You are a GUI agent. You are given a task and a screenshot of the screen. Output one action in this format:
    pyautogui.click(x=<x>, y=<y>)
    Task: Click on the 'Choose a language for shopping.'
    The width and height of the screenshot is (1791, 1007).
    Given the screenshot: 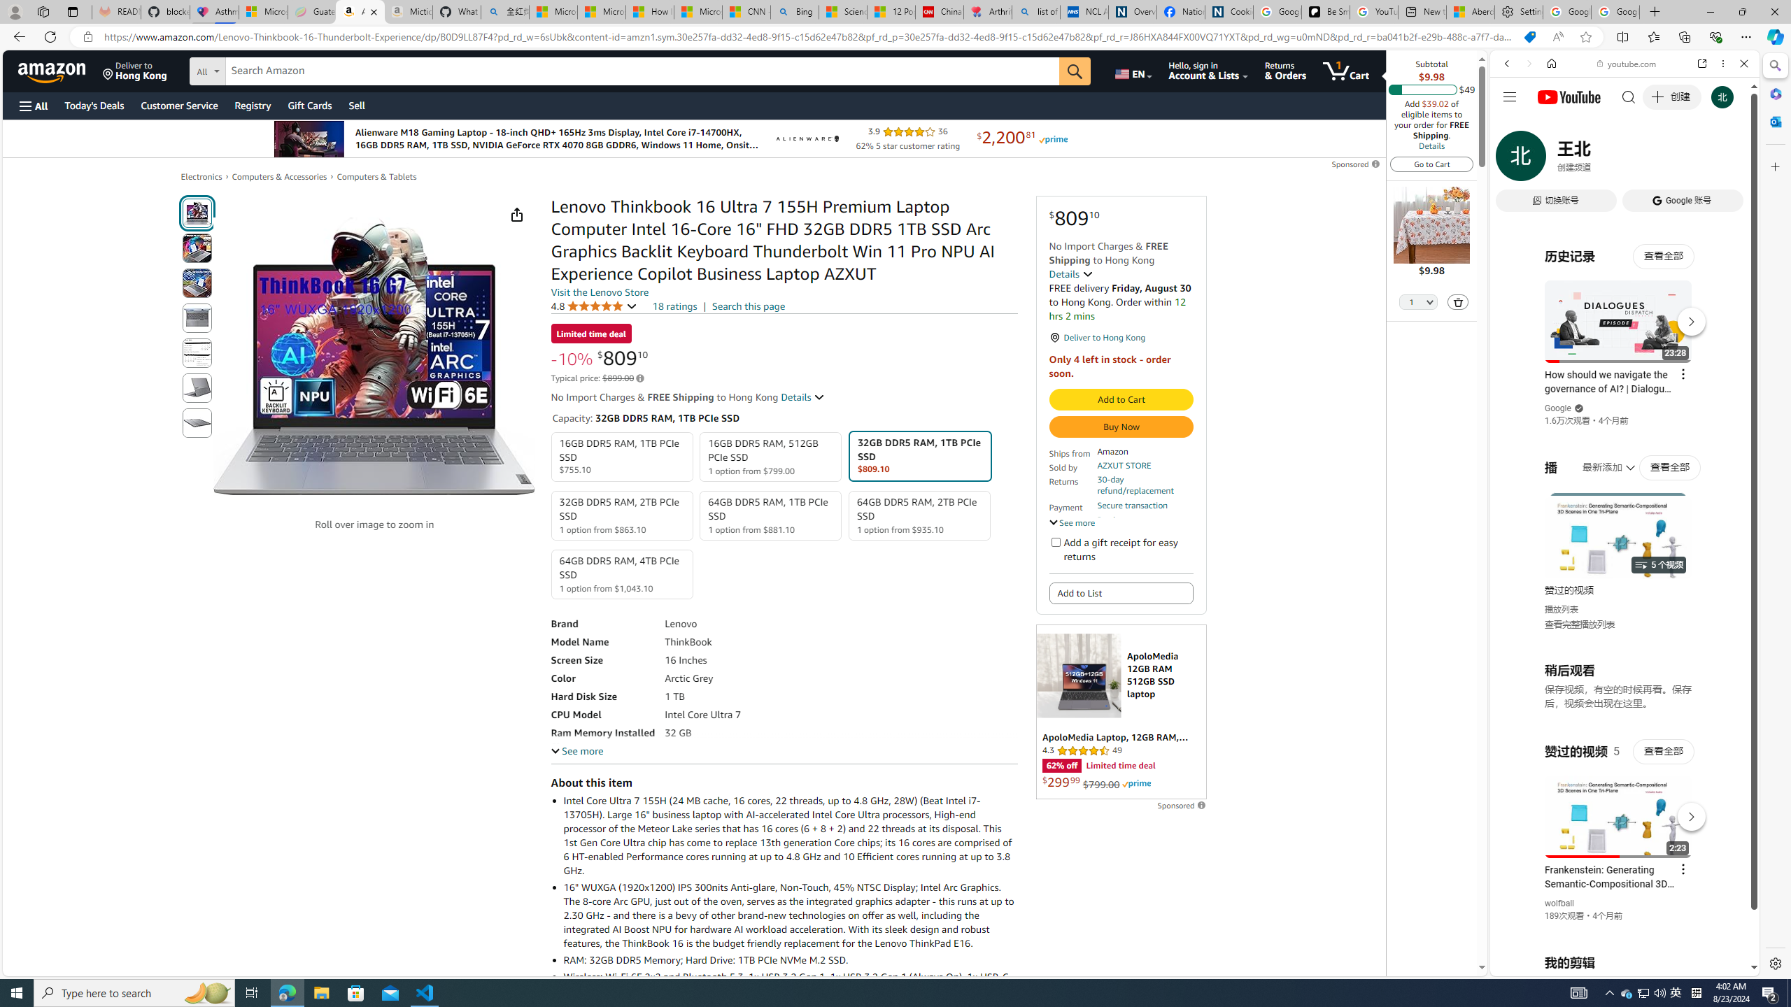 What is the action you would take?
    pyautogui.click(x=1132, y=70)
    